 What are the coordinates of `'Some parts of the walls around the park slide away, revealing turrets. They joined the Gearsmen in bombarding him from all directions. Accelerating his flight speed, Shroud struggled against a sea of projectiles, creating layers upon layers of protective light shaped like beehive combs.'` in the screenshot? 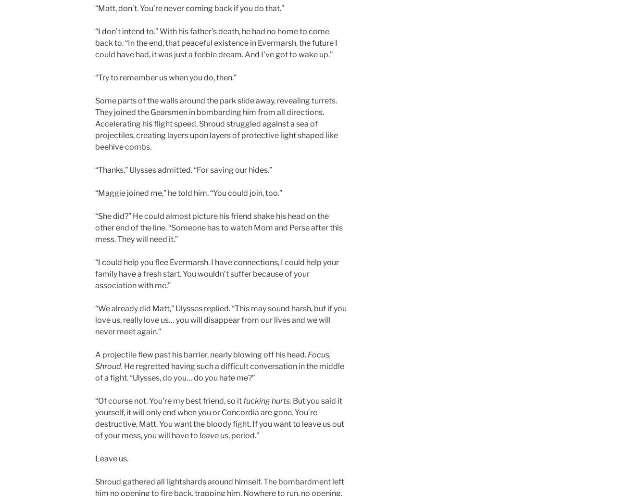 It's located at (216, 124).